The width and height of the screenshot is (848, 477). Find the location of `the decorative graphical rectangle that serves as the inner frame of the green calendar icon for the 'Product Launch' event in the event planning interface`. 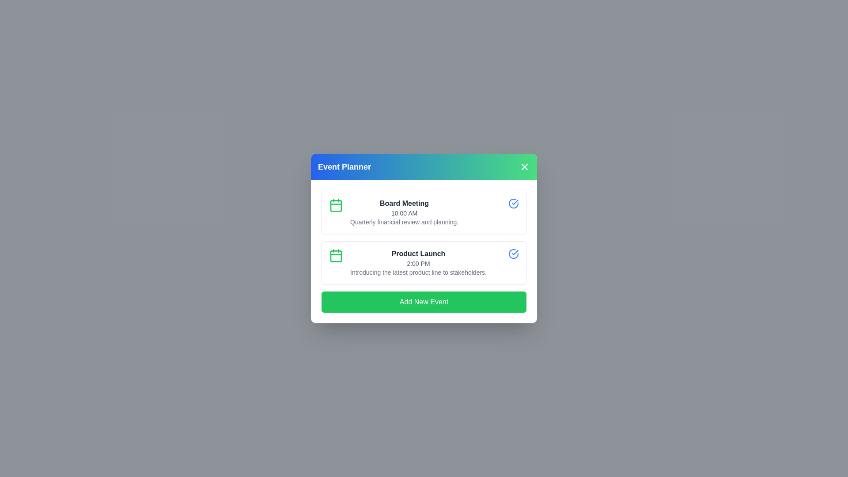

the decorative graphical rectangle that serves as the inner frame of the green calendar icon for the 'Product Launch' event in the event planning interface is located at coordinates (336, 256).